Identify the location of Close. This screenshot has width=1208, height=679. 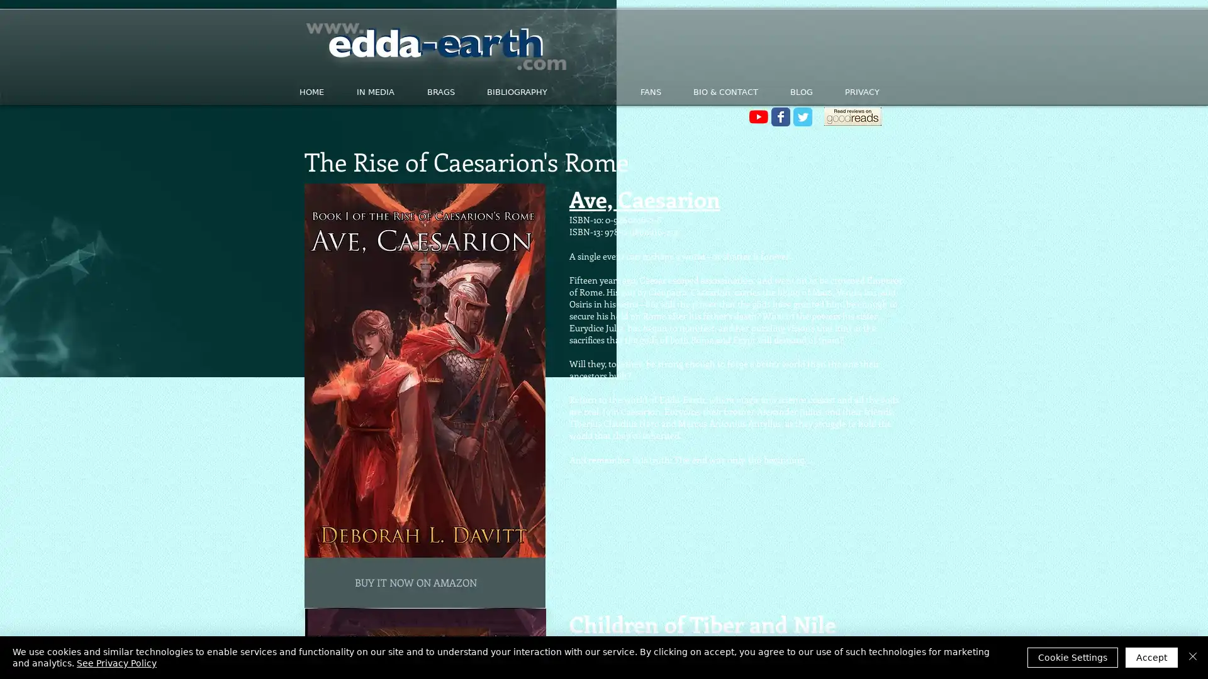
(1192, 656).